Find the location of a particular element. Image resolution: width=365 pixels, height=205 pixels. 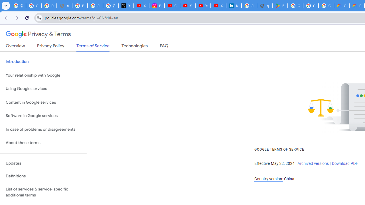

'Software in Google services' is located at coordinates (43, 116).